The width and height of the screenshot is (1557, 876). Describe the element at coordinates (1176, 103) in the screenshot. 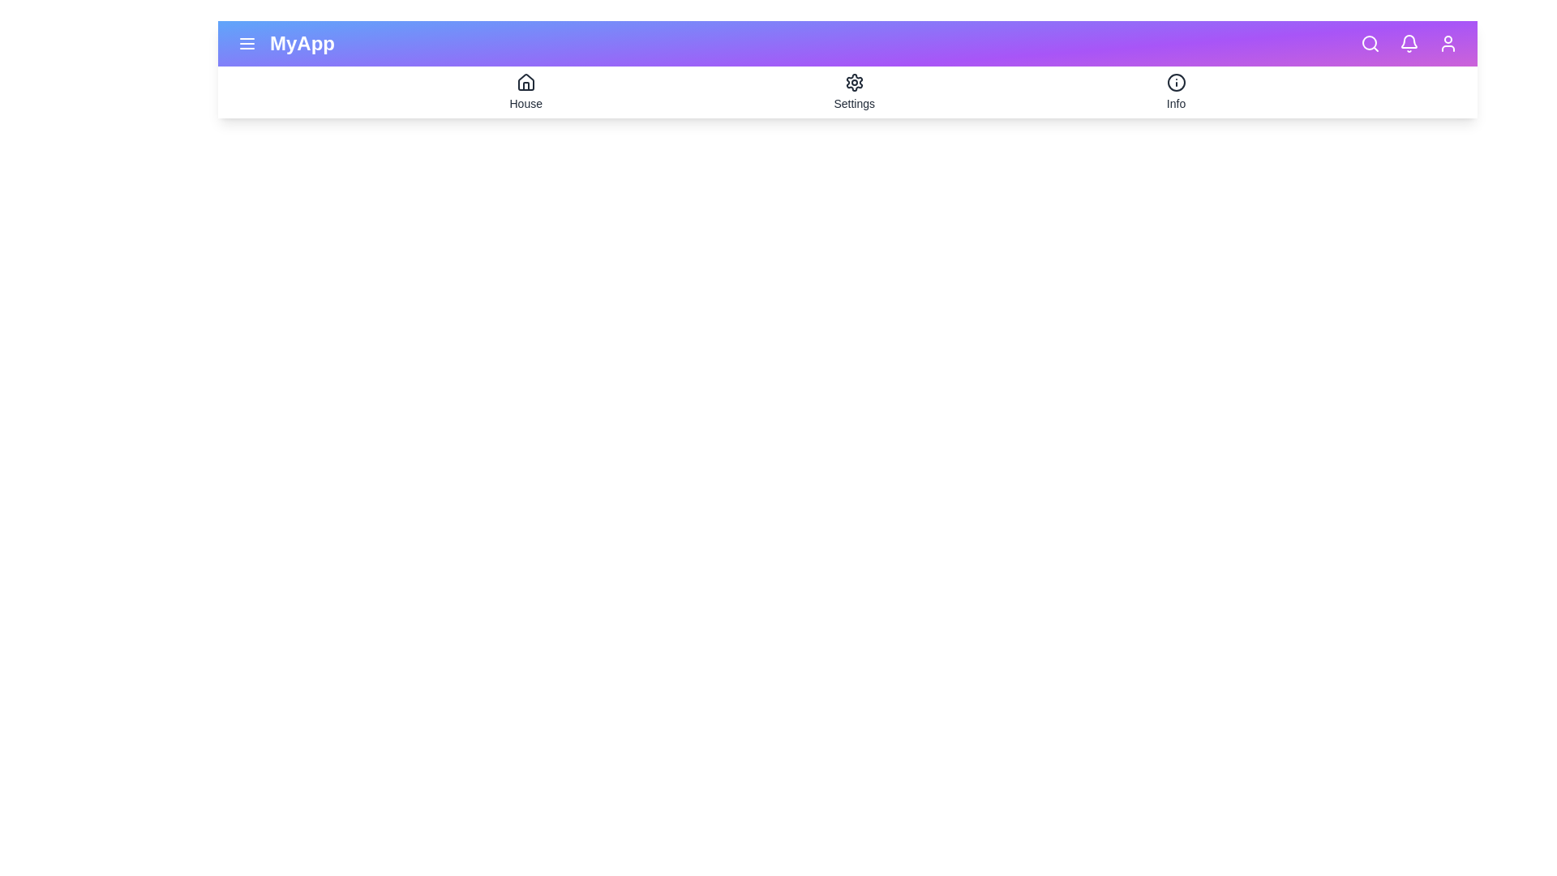

I see `the text label Info to select it` at that location.